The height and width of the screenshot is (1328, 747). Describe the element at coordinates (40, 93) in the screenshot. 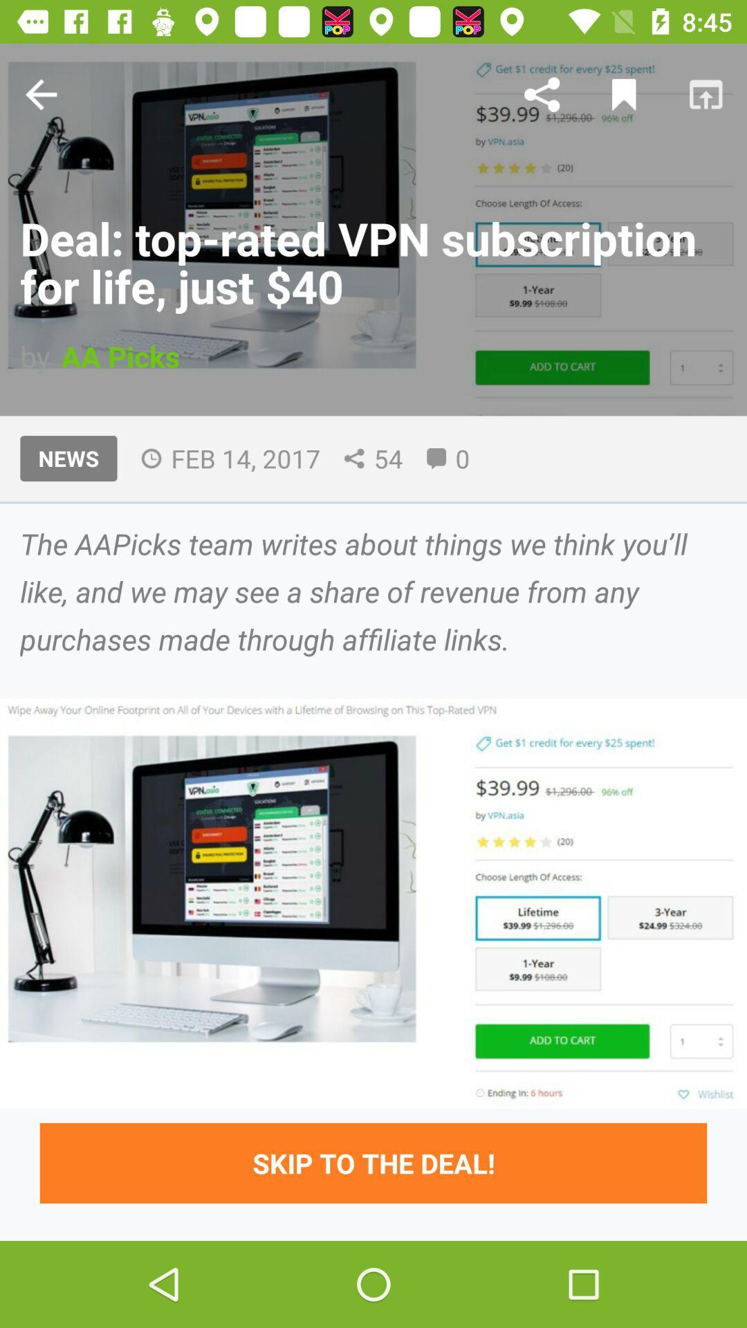

I see `go back` at that location.